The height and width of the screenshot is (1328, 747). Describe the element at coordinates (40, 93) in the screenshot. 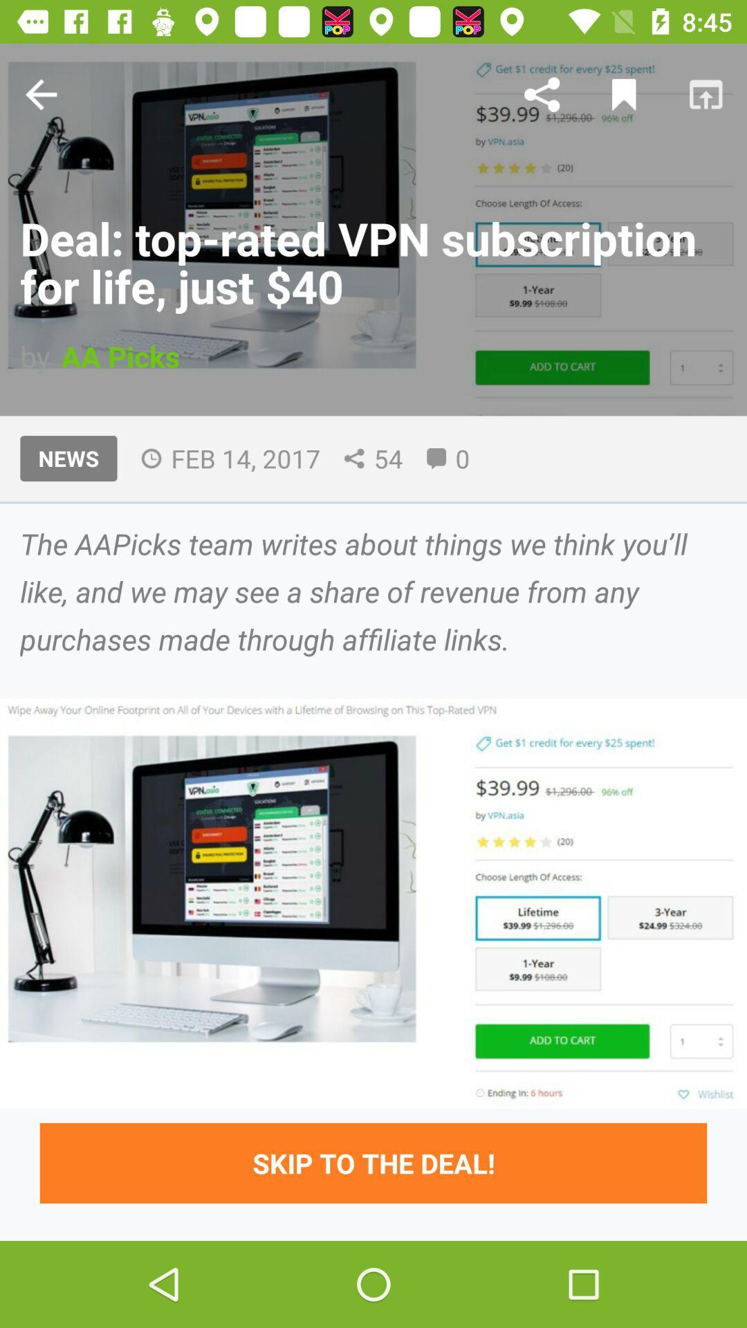

I see `go back` at that location.